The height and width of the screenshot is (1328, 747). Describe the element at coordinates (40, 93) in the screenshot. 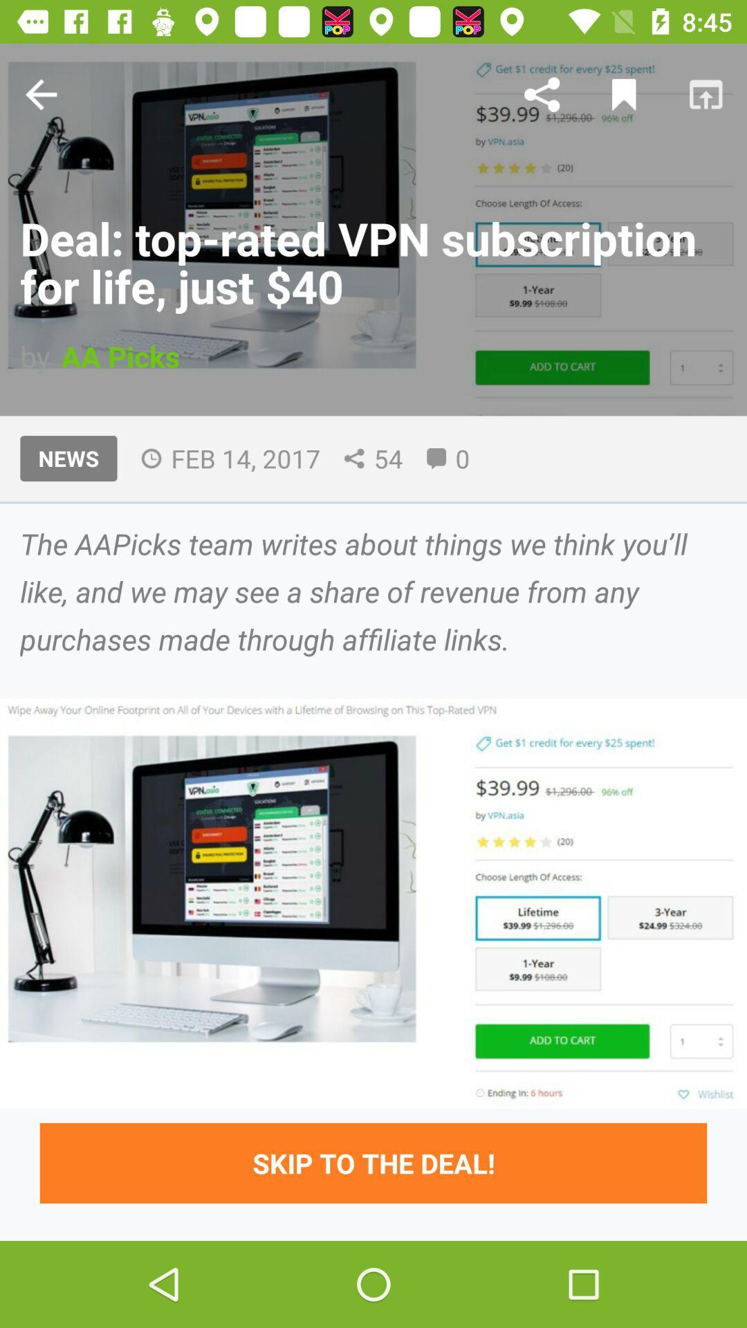

I see `go back` at that location.